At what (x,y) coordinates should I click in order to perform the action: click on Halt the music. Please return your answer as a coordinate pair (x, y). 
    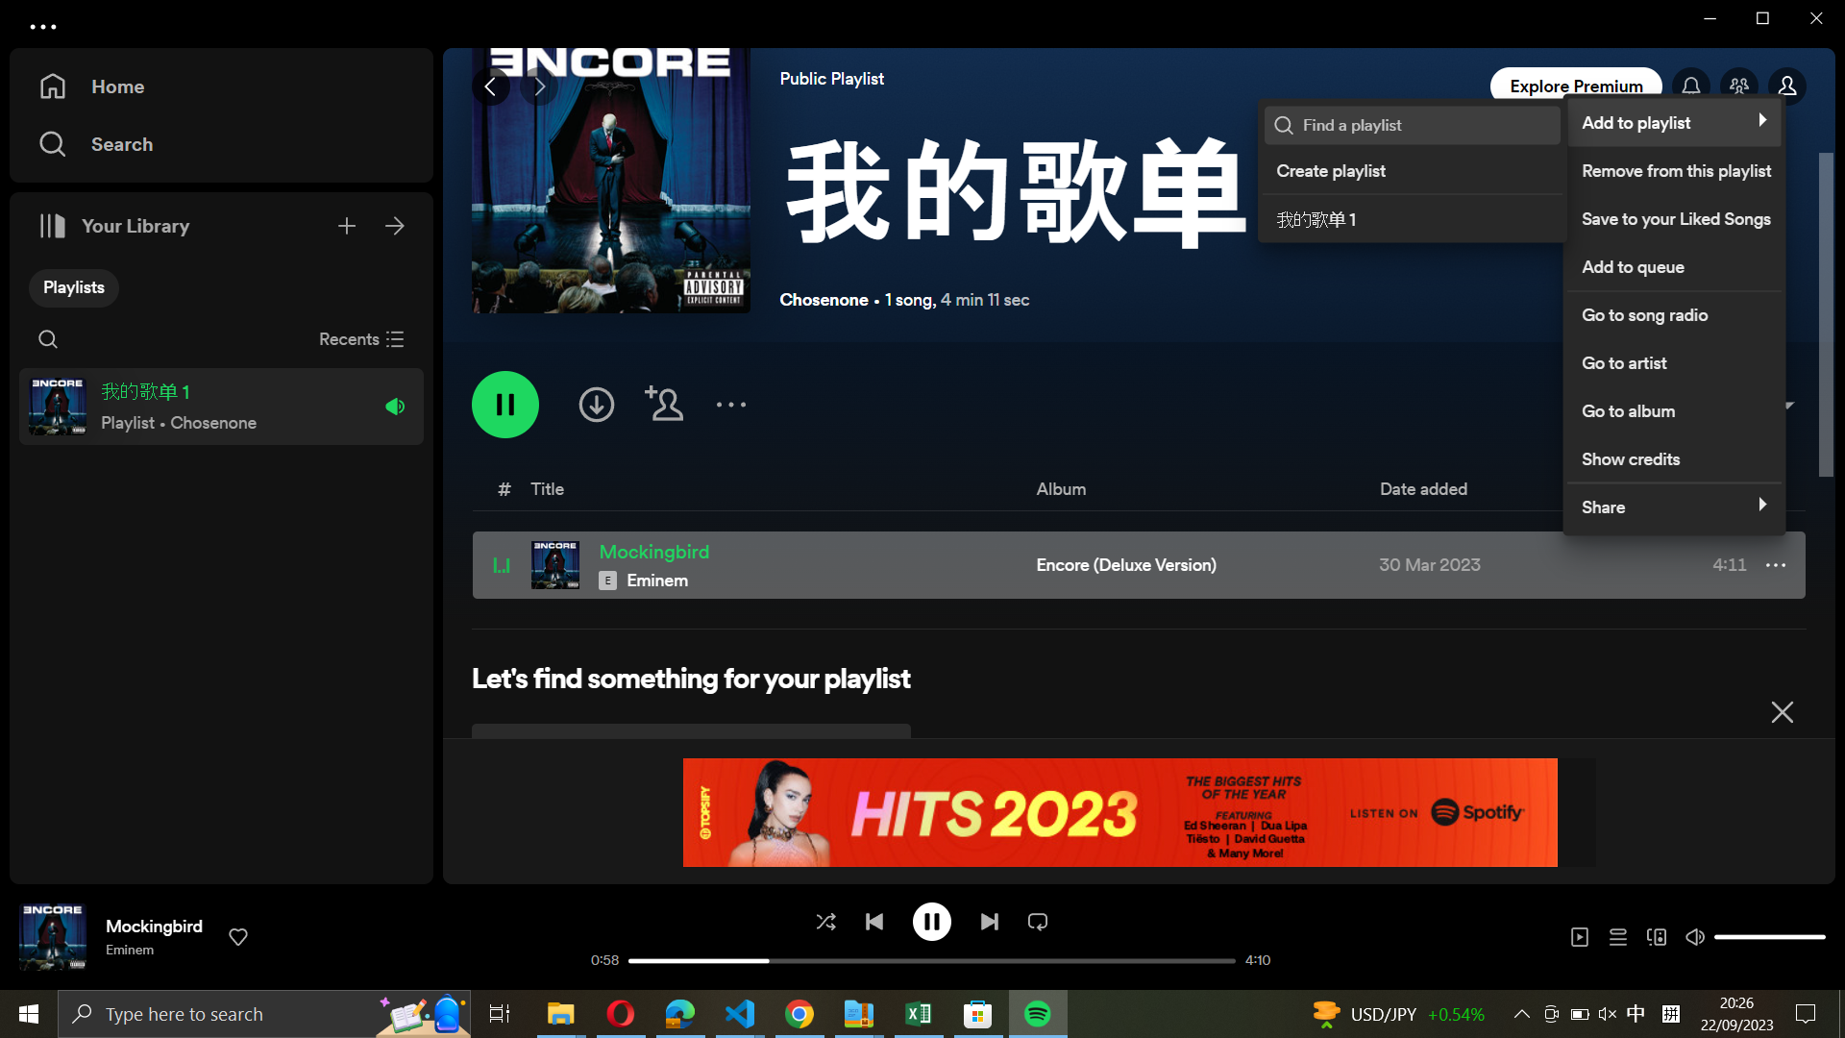
    Looking at the image, I should click on (932, 919).